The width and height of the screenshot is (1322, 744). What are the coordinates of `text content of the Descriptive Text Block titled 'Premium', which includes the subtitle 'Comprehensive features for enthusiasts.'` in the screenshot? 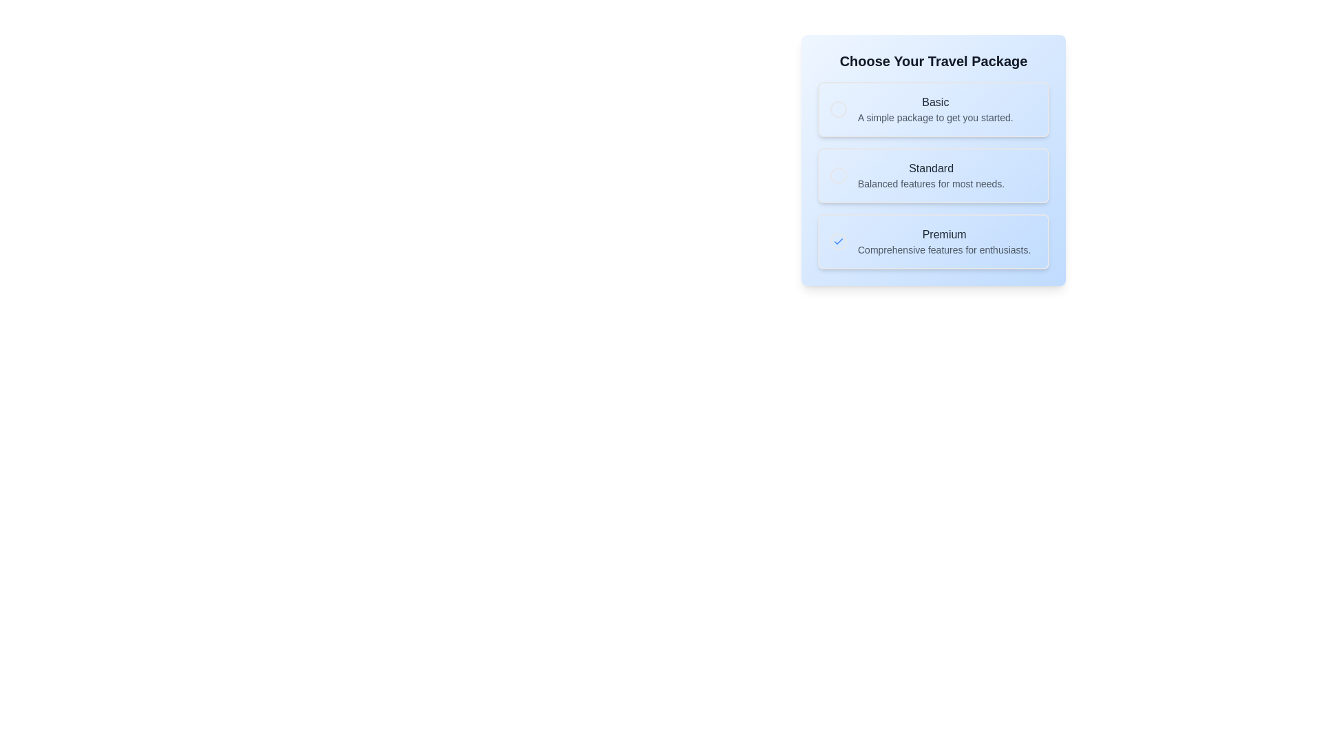 It's located at (943, 241).